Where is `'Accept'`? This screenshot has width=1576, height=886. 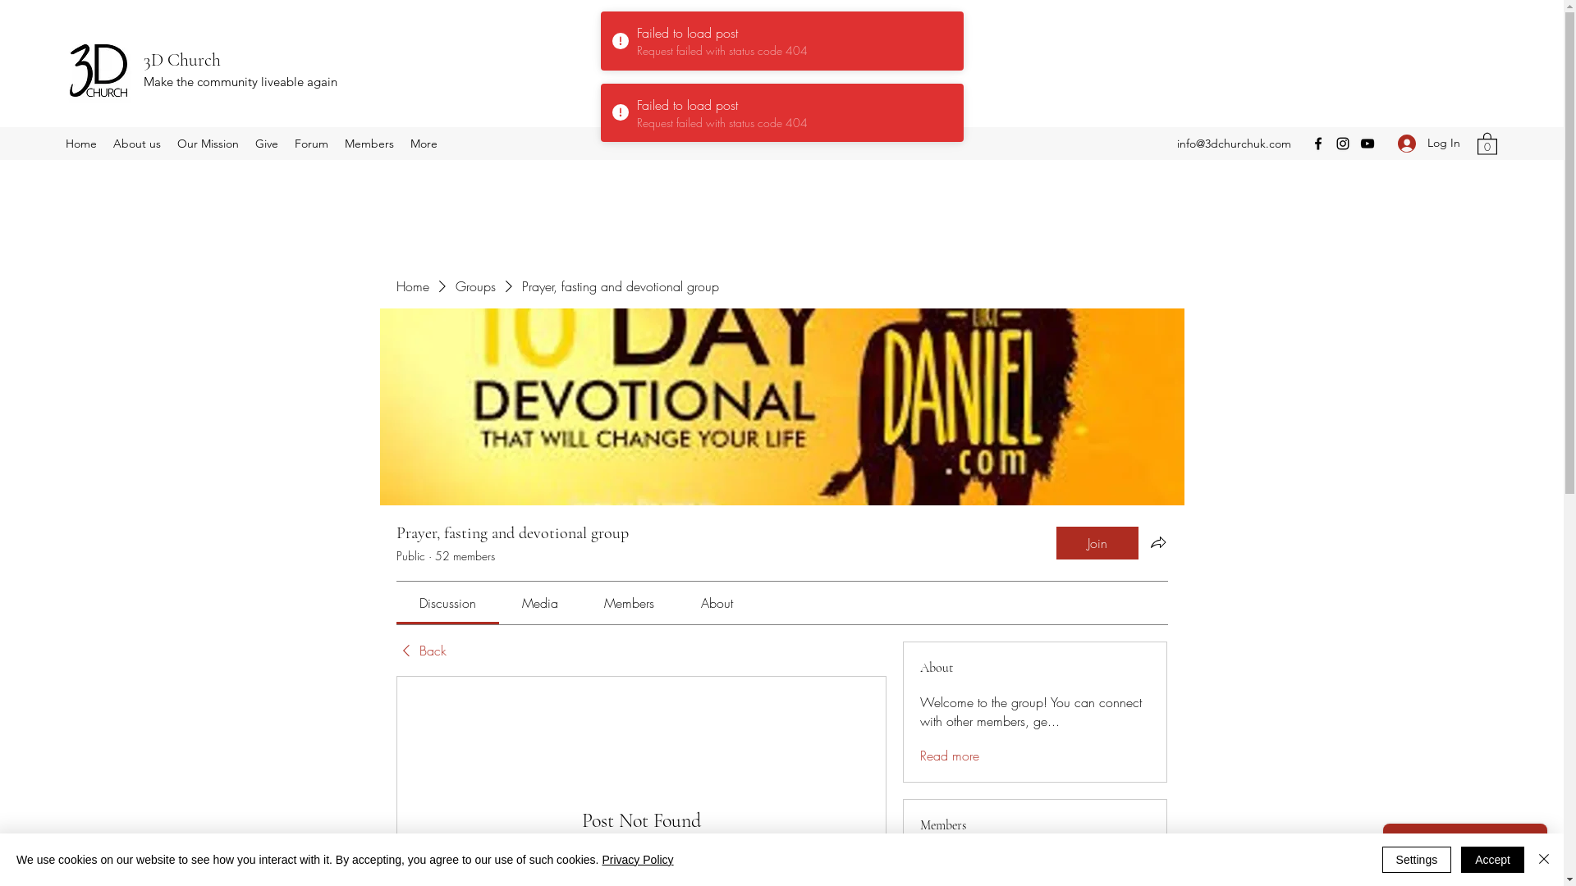 'Accept' is located at coordinates (1492, 859).